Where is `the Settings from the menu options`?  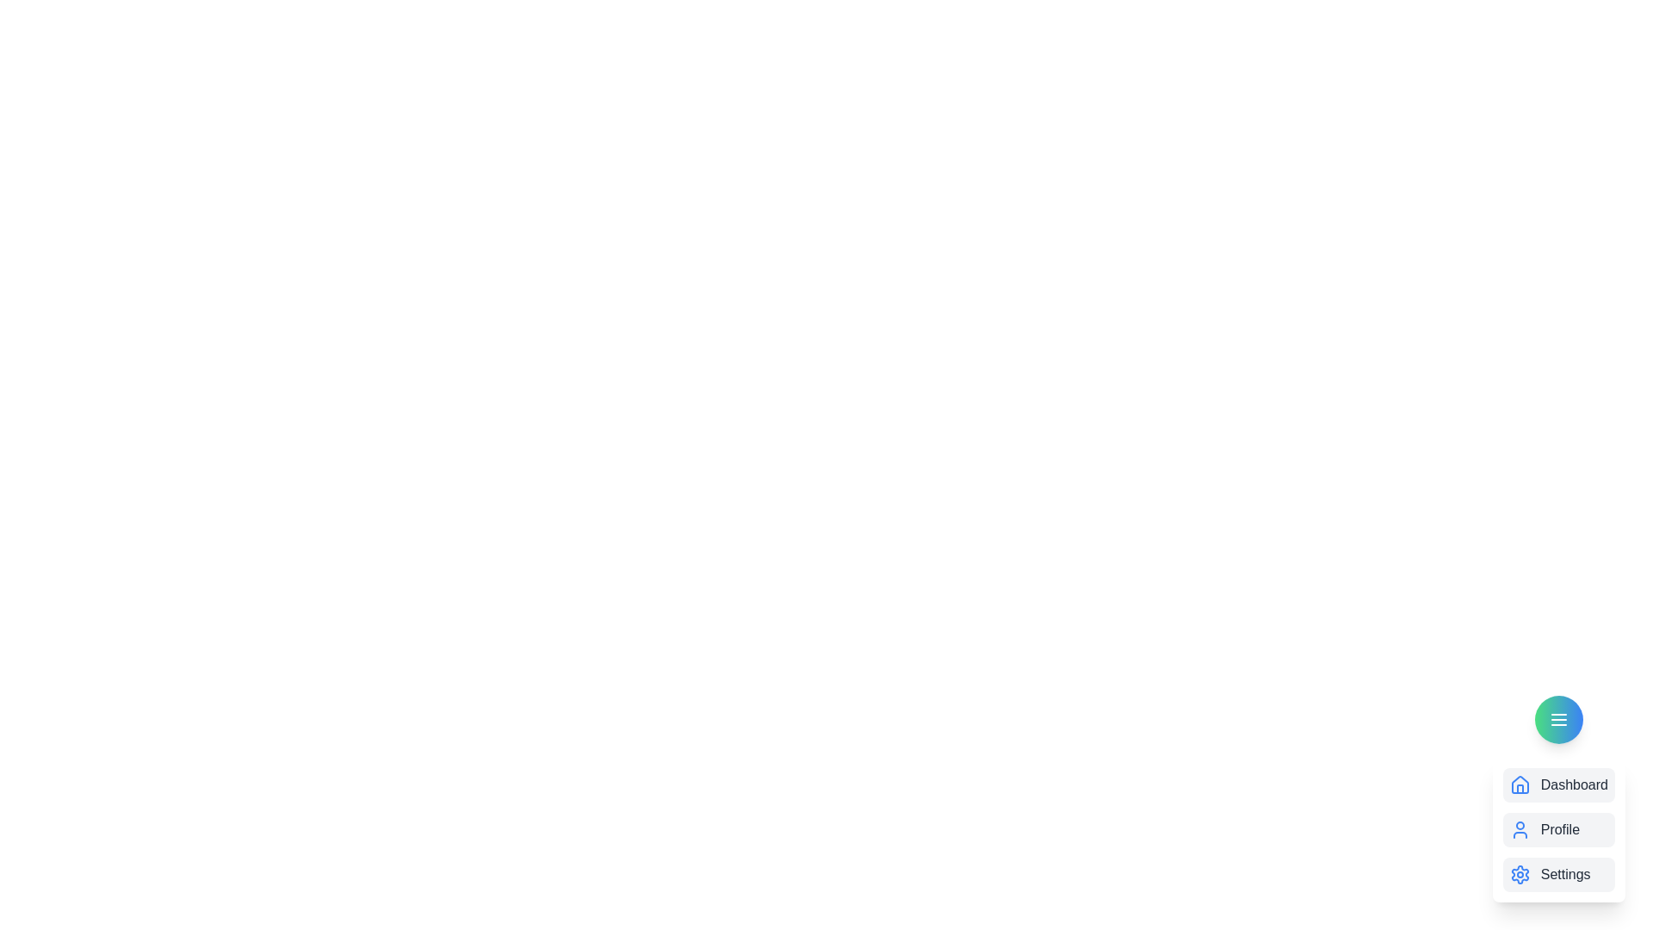
the Settings from the menu options is located at coordinates (1558, 874).